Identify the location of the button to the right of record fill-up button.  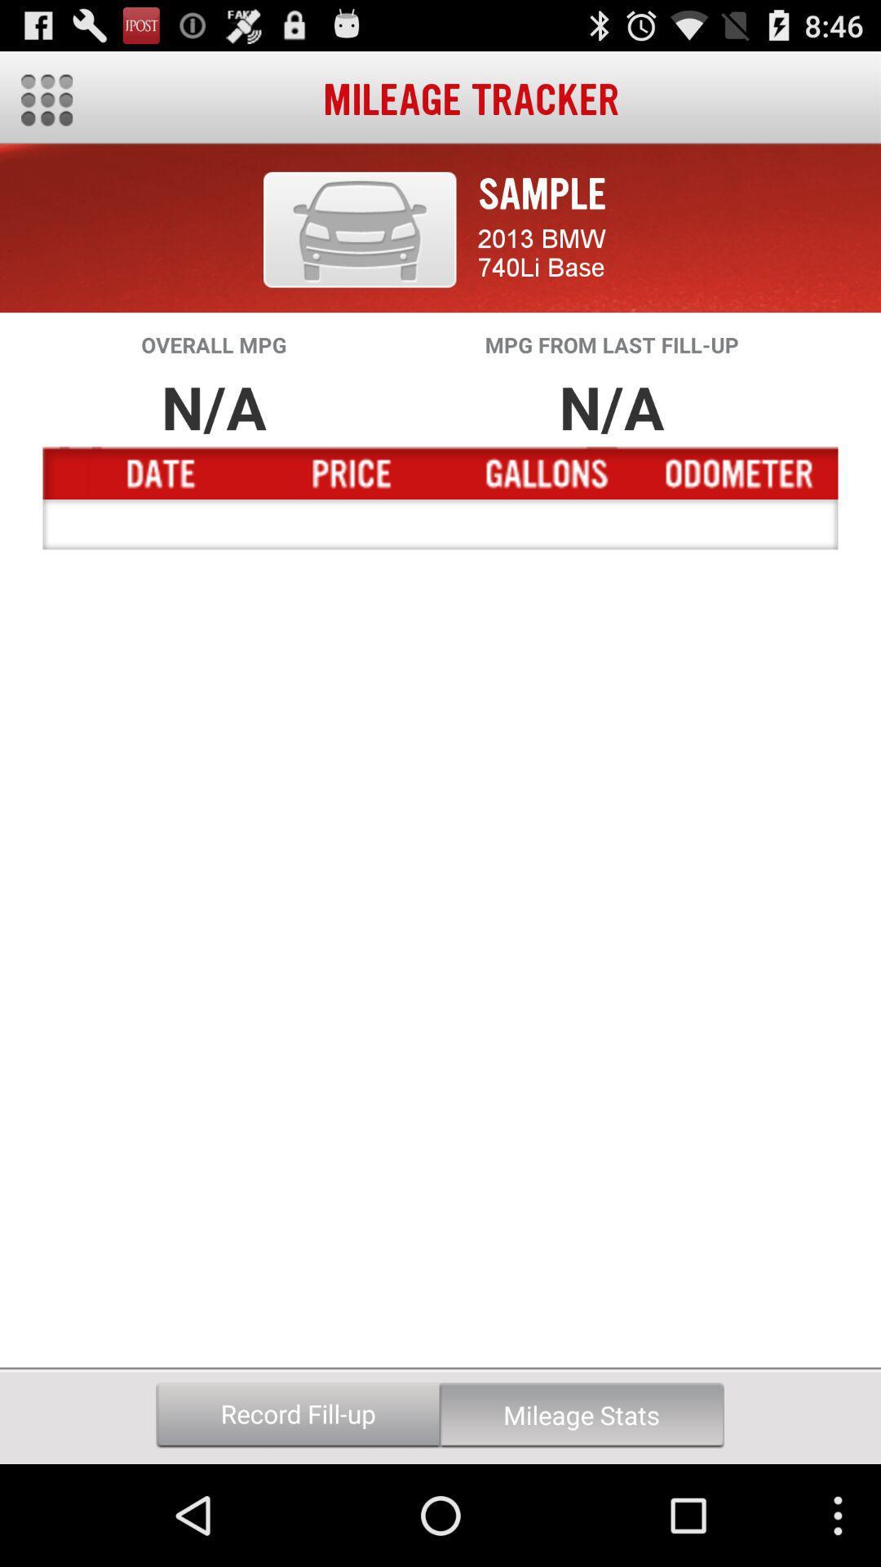
(581, 1414).